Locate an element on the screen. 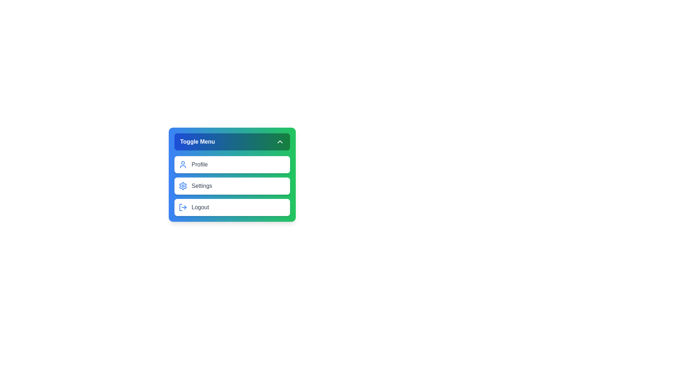  the menu item Settings to view its hover effects is located at coordinates (232, 185).